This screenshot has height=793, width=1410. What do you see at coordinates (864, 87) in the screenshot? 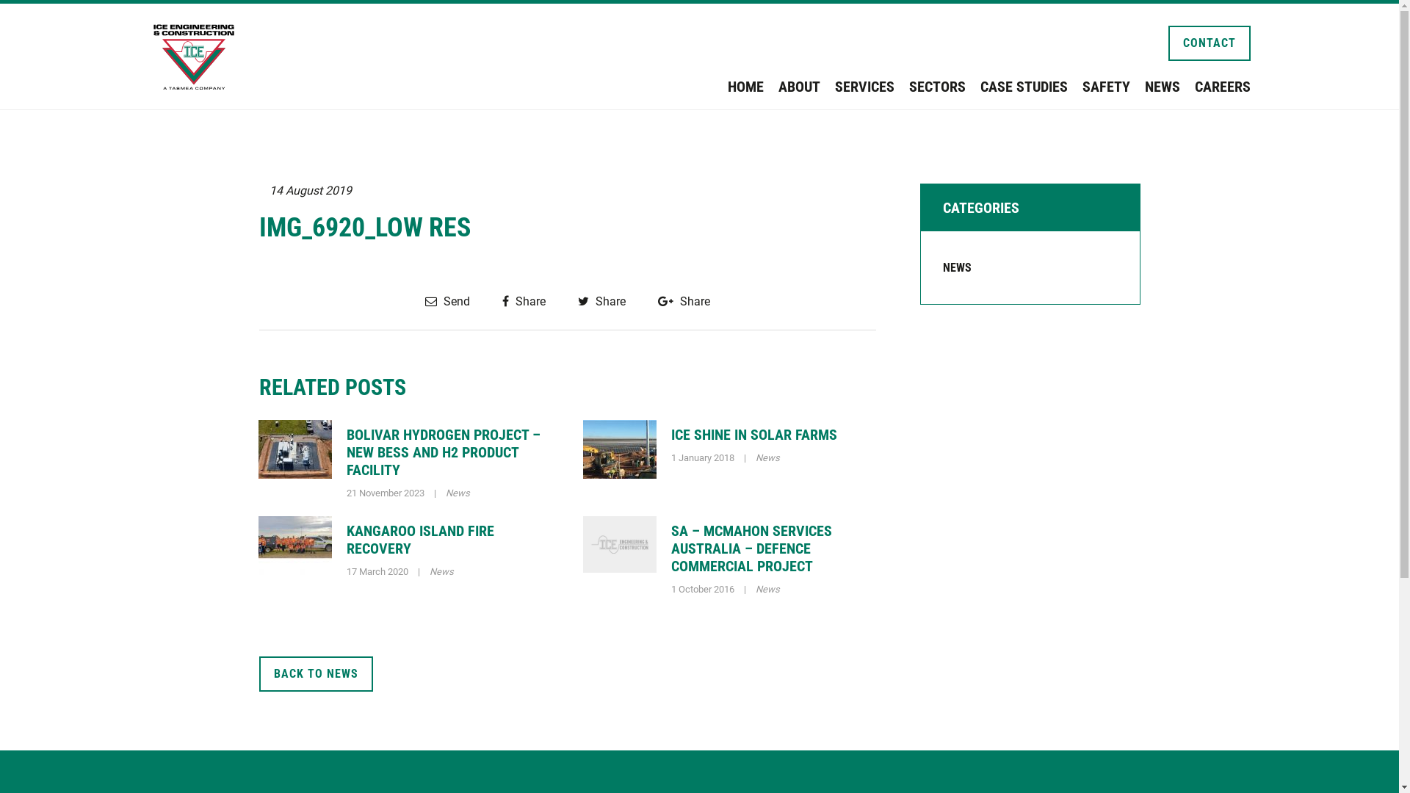
I see `'SERVICES'` at bounding box center [864, 87].